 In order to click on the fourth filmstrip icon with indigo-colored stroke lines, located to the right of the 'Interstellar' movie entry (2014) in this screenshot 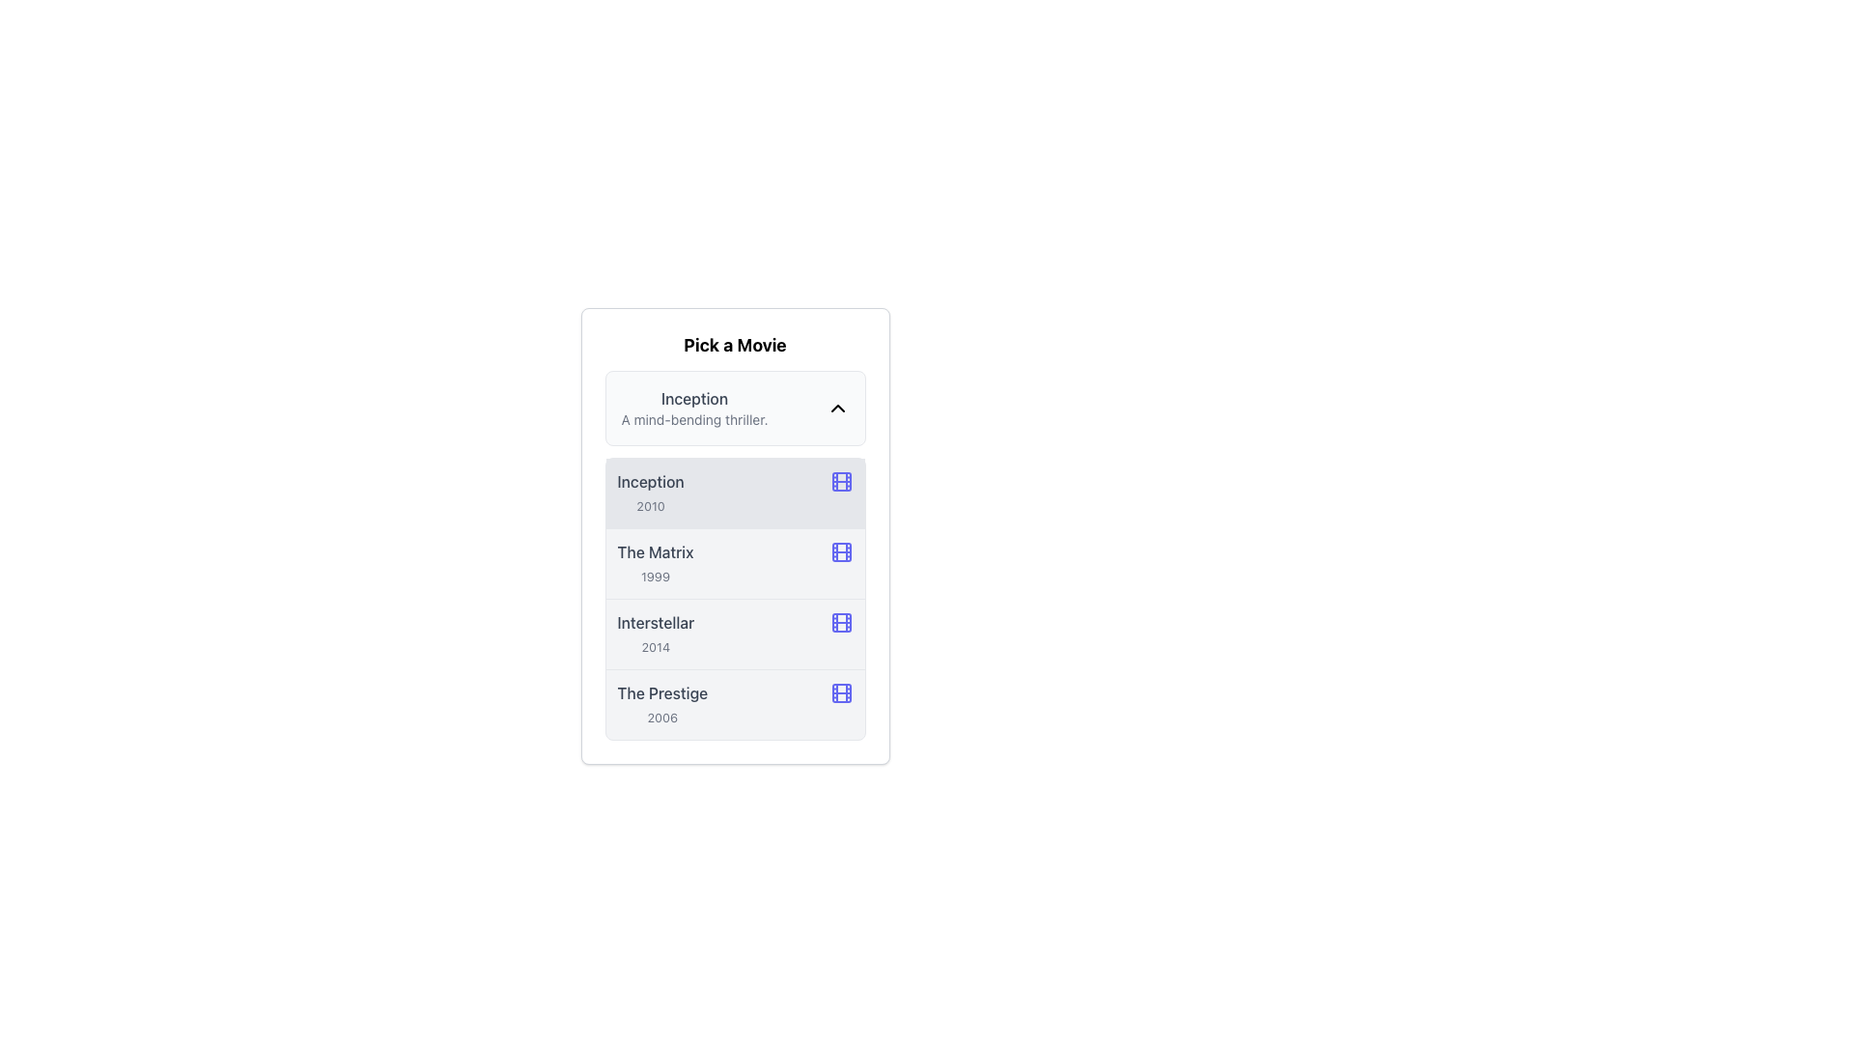, I will do `click(841, 622)`.